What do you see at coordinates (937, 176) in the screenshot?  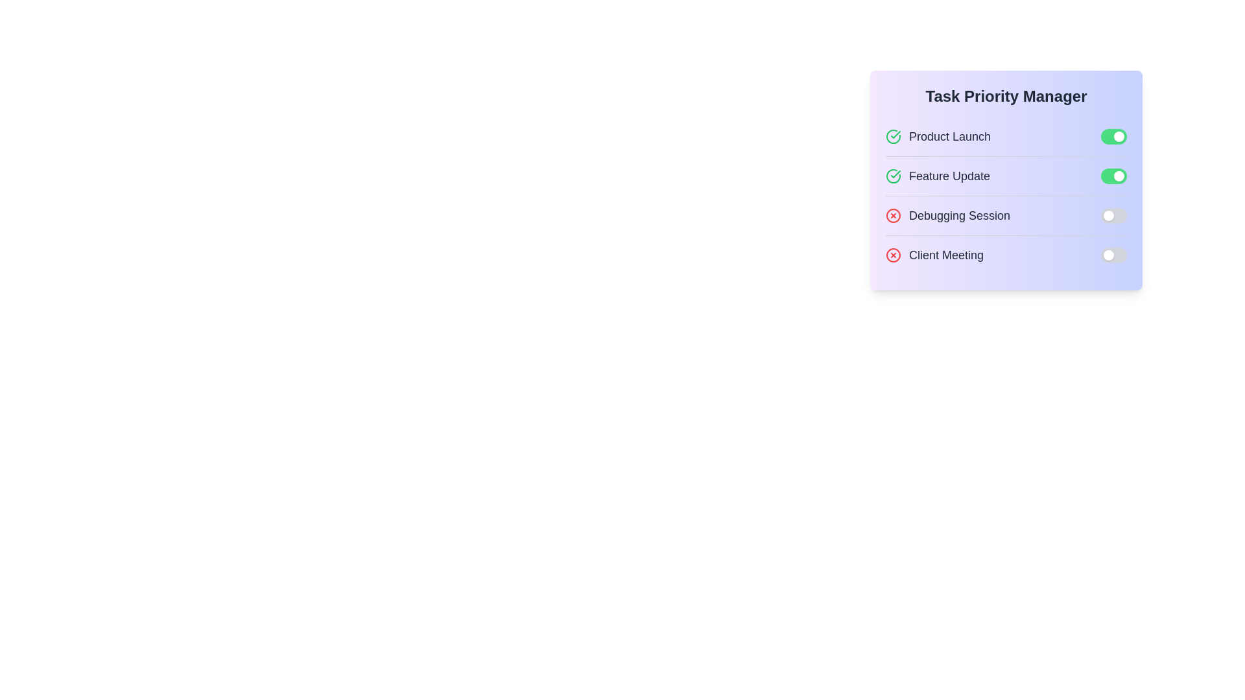 I see `the task with title Feature Update` at bounding box center [937, 176].